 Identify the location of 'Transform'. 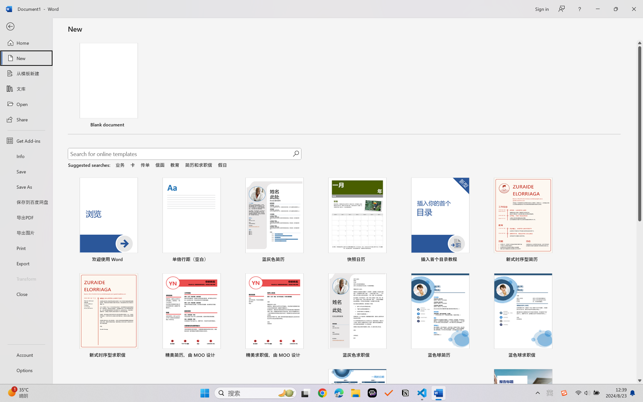
(26, 278).